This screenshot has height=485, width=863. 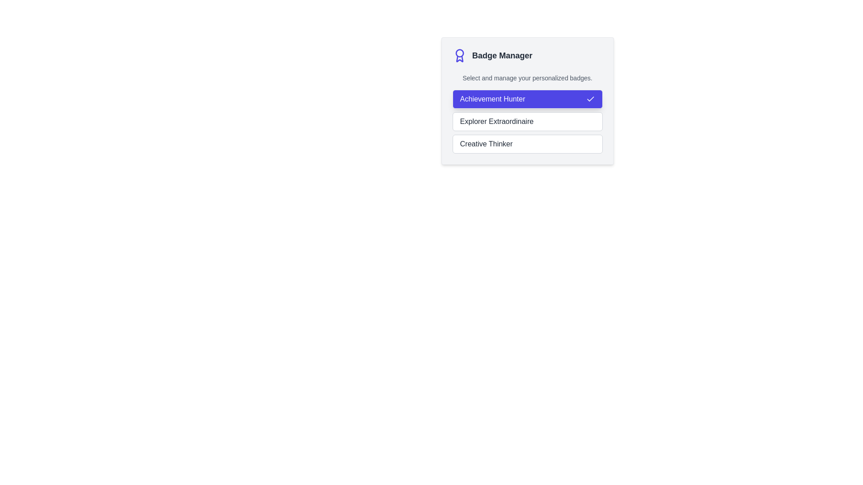 What do you see at coordinates (492, 99) in the screenshot?
I see `the text label located inside the upper section of the rectangular purple button, which represents one of the selectable badge options in the interface` at bounding box center [492, 99].